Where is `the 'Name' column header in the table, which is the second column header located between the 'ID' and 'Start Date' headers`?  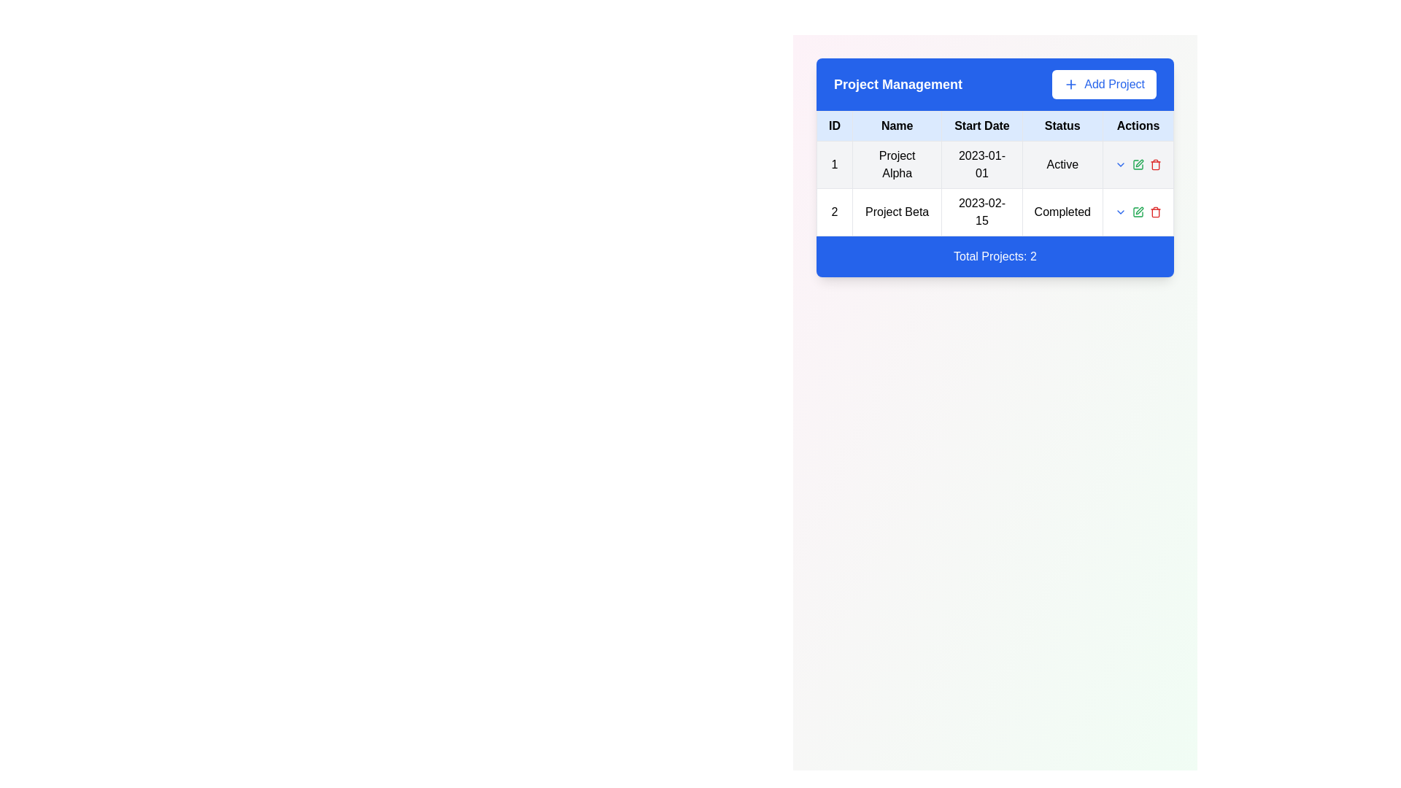 the 'Name' column header in the table, which is the second column header located between the 'ID' and 'Start Date' headers is located at coordinates (896, 125).